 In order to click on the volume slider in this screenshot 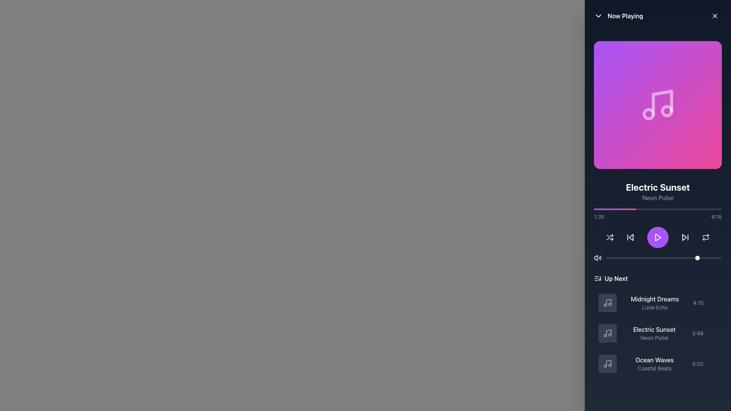, I will do `click(704, 258)`.